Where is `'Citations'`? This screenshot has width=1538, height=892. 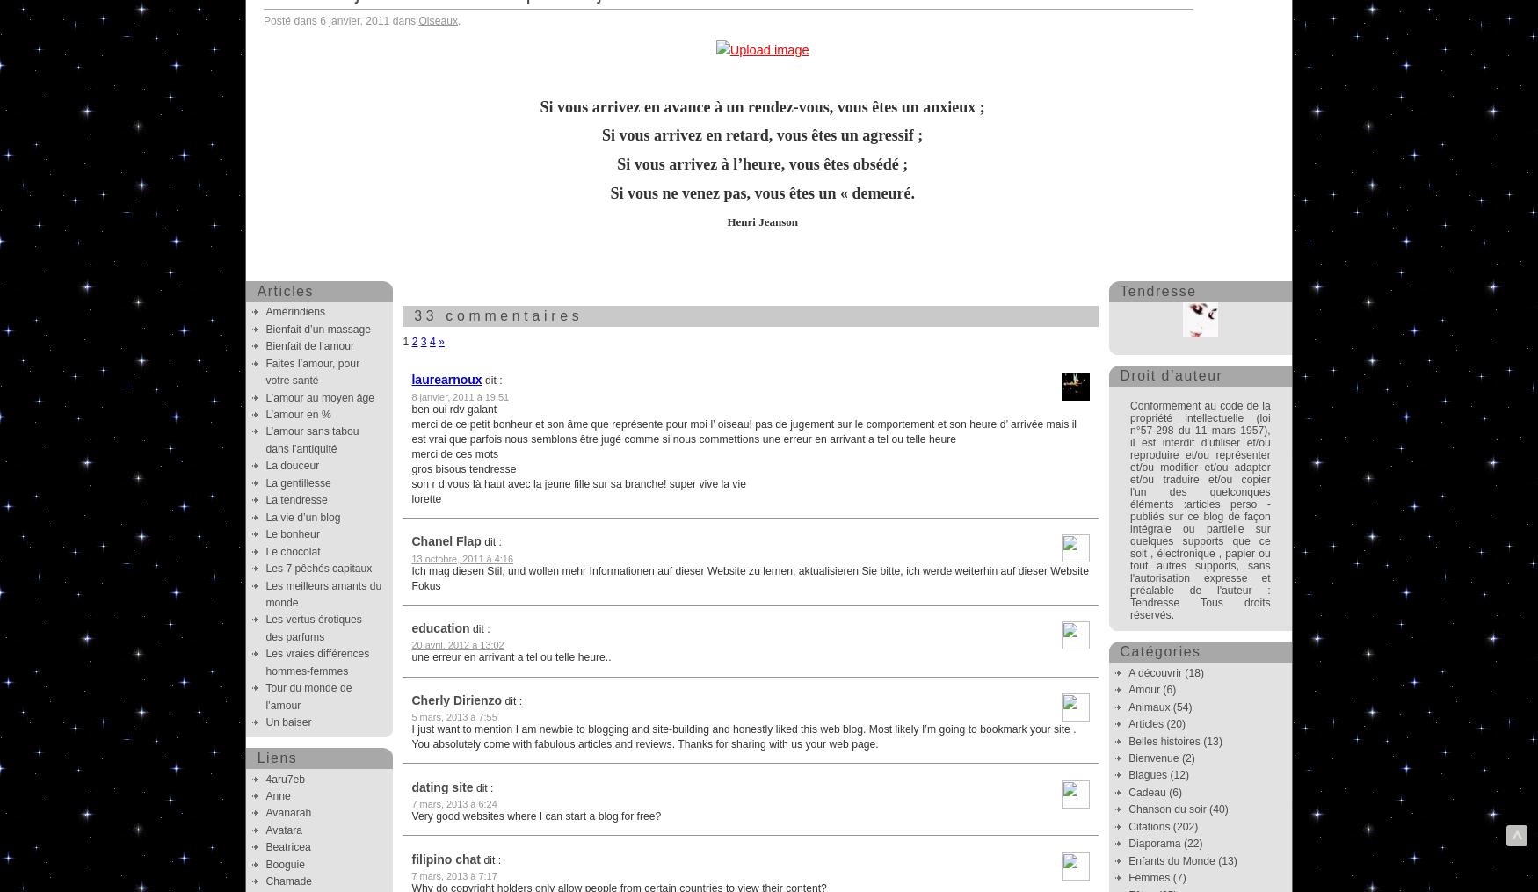 'Citations' is located at coordinates (1148, 824).